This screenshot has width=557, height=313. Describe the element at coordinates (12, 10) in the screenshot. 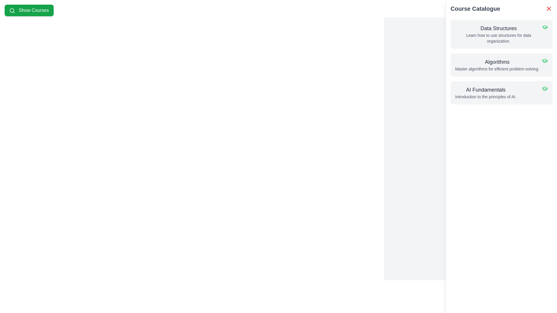

I see `SVG Circle Element of the search icon located within the green 'Show Courses' button by right-clicking on it` at that location.